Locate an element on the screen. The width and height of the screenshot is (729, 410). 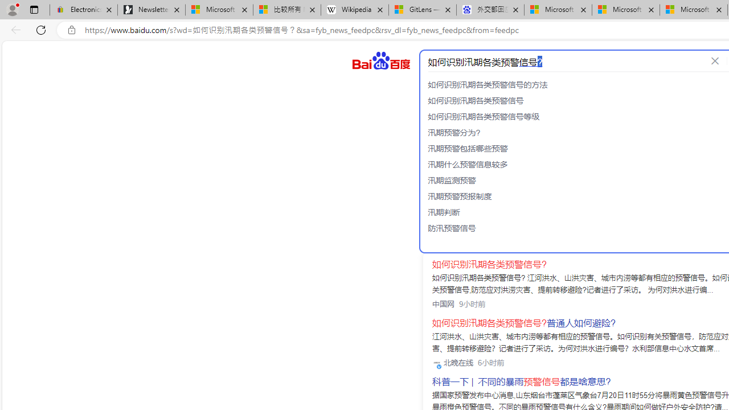
'Electronics, Cars, Fashion, Collectibles & More | eBay' is located at coordinates (83, 10).